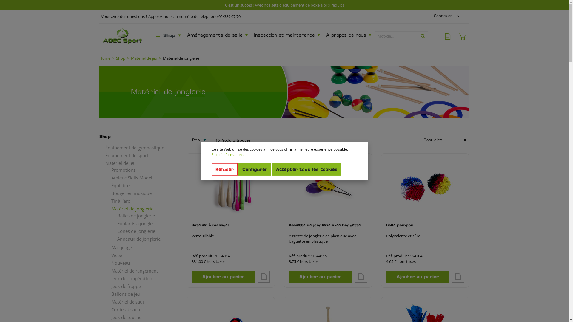 The image size is (573, 322). I want to click on 'Balle pompon', so click(425, 187).